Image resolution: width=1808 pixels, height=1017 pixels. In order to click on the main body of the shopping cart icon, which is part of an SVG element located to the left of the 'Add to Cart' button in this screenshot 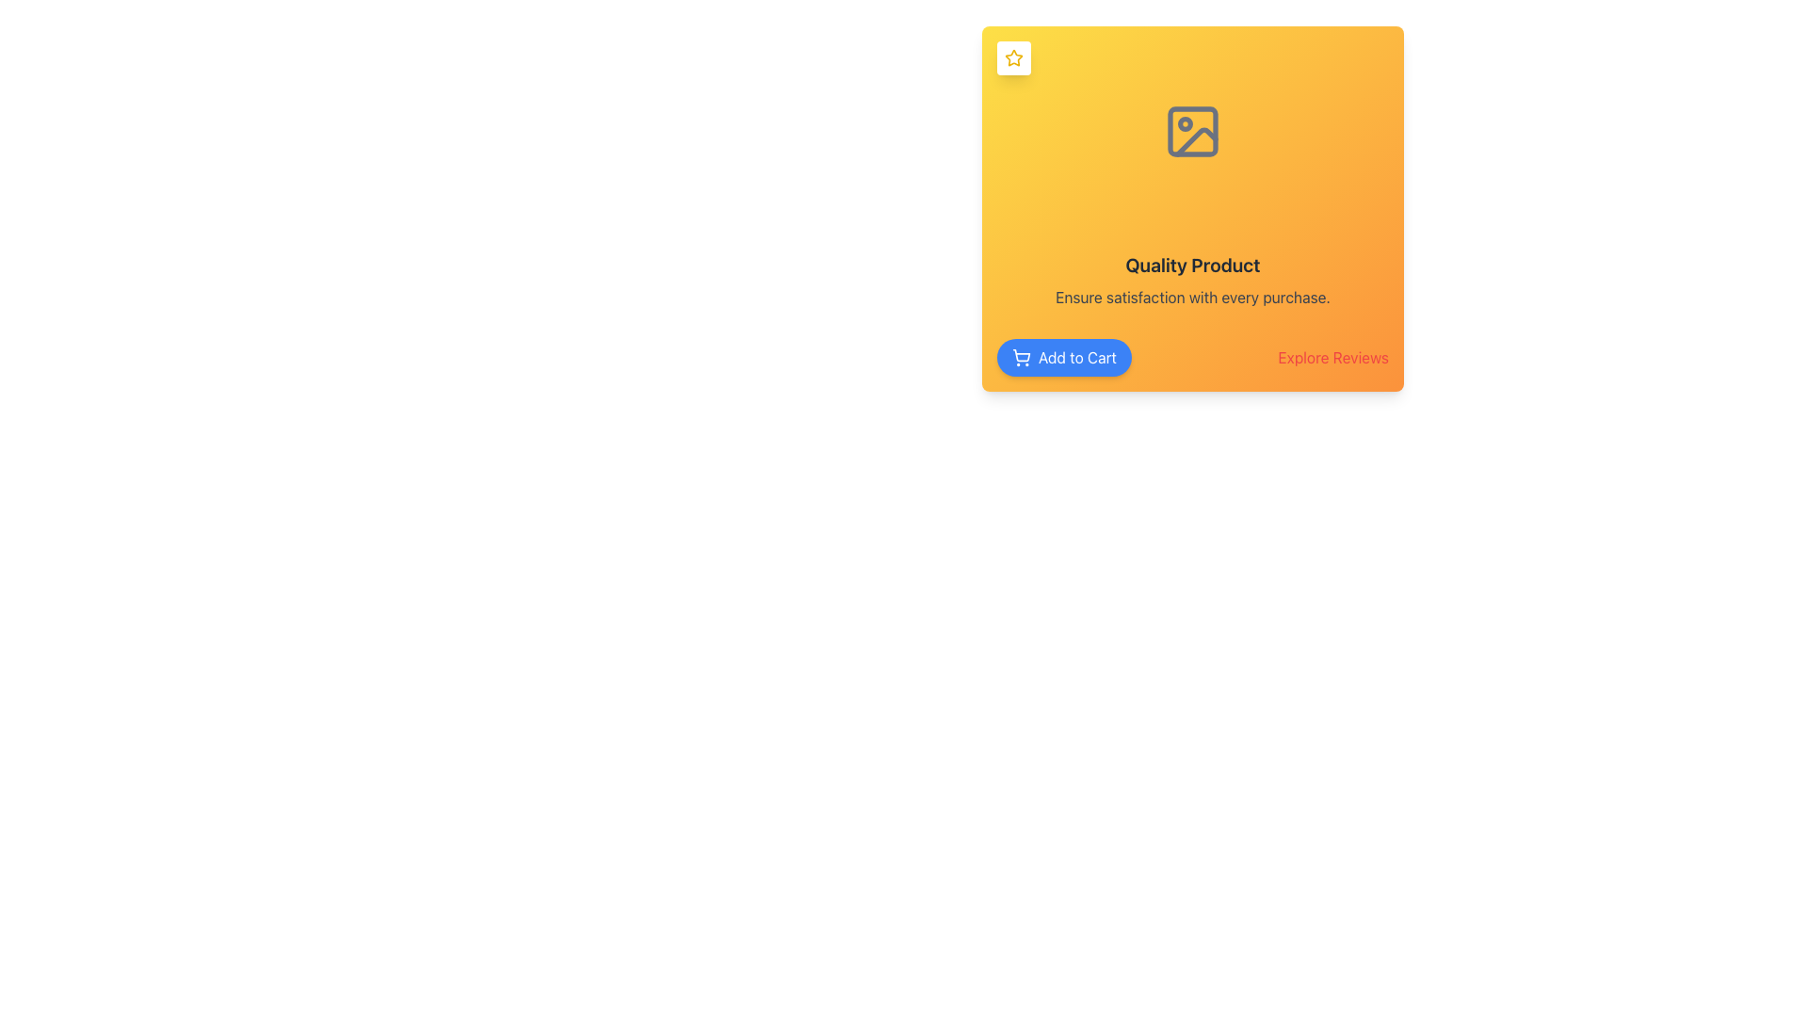, I will do `click(1020, 355)`.